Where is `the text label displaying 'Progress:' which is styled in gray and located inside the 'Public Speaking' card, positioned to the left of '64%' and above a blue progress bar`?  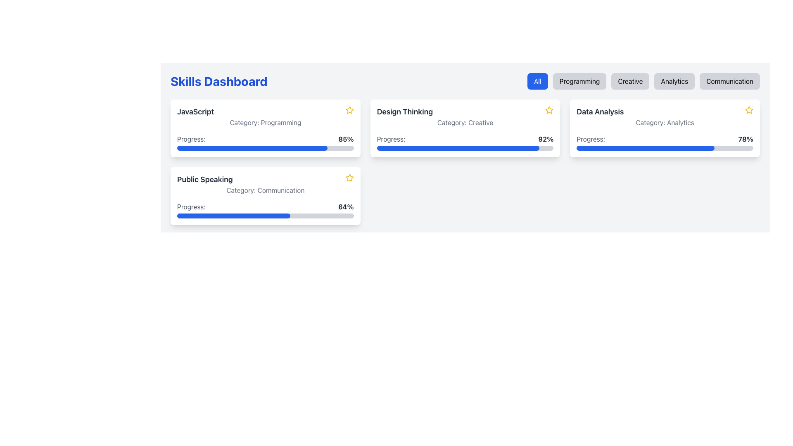 the text label displaying 'Progress:' which is styled in gray and located inside the 'Public Speaking' card, positioned to the left of '64%' and above a blue progress bar is located at coordinates (191, 206).